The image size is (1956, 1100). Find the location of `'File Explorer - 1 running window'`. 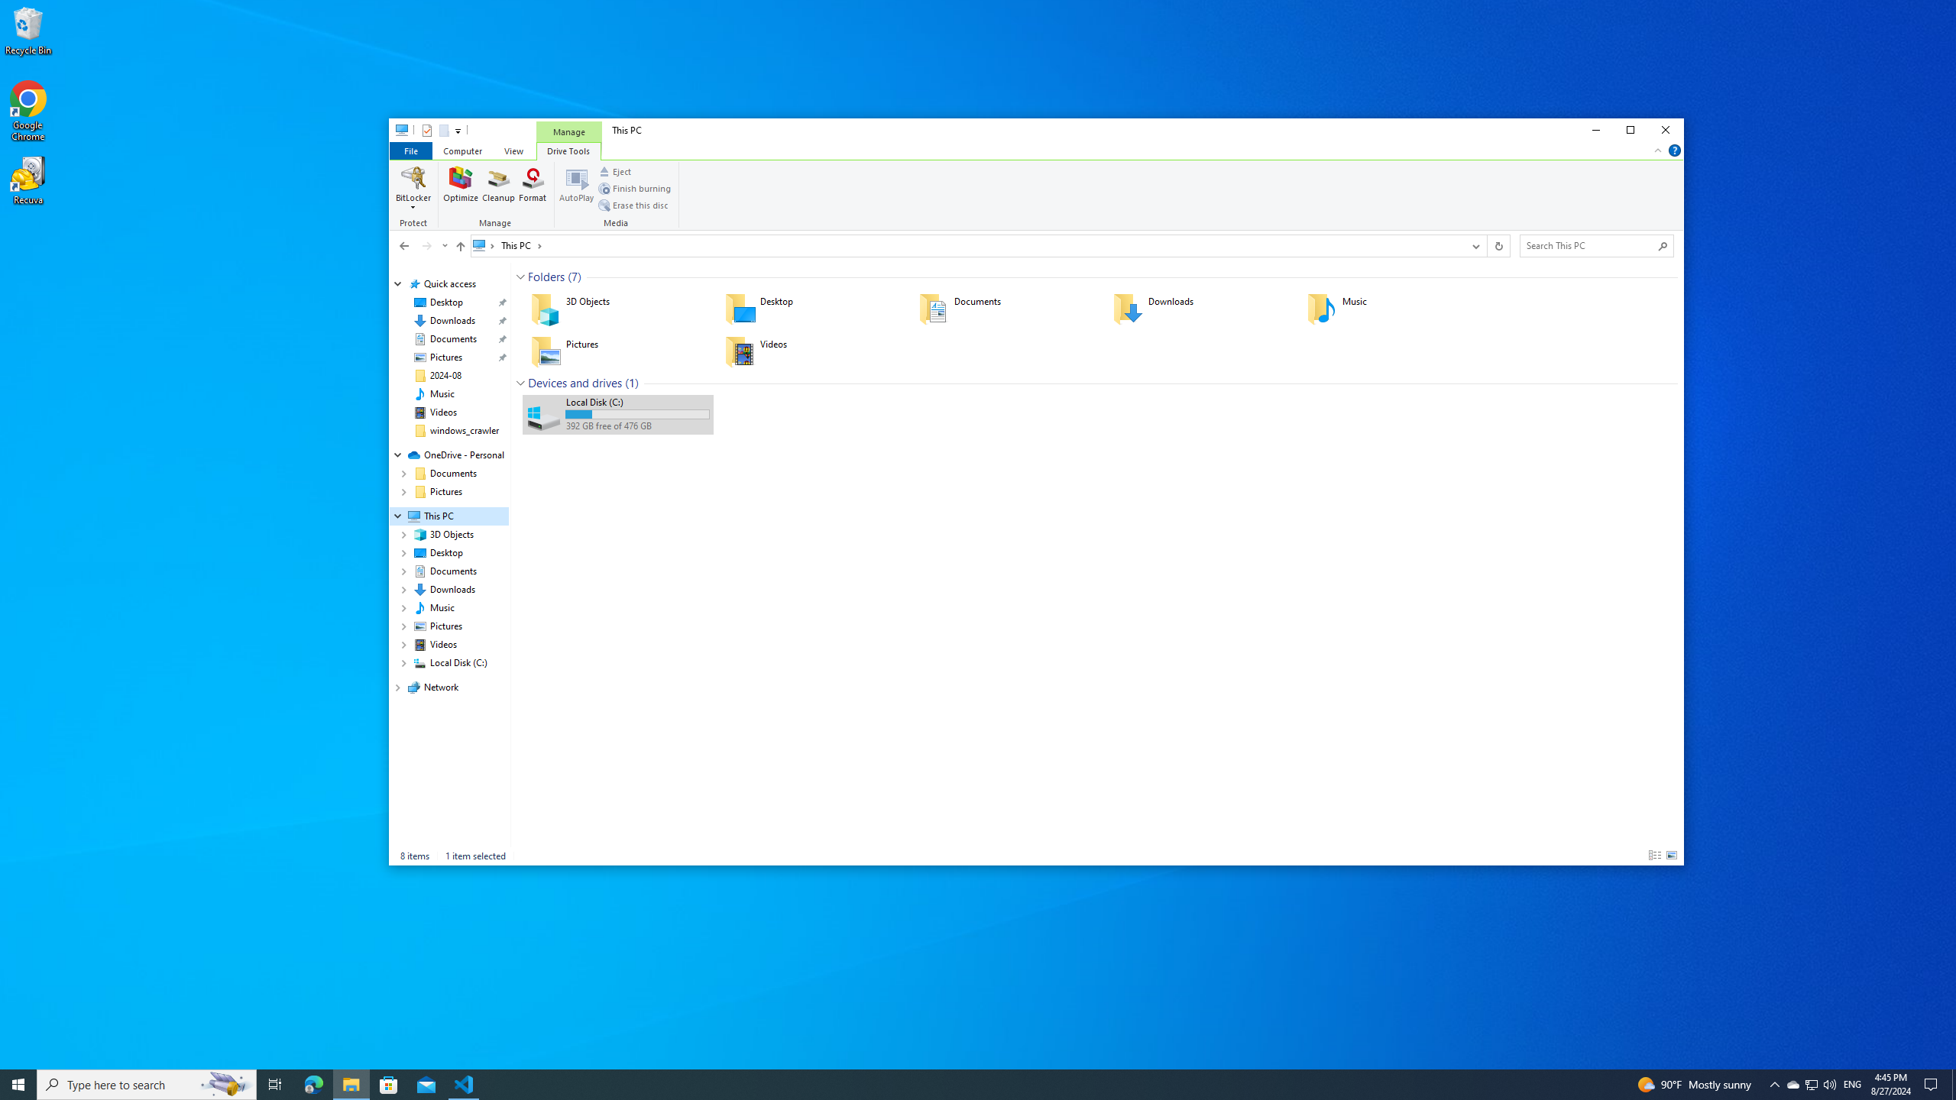

'File Explorer - 1 running window' is located at coordinates (350, 1083).